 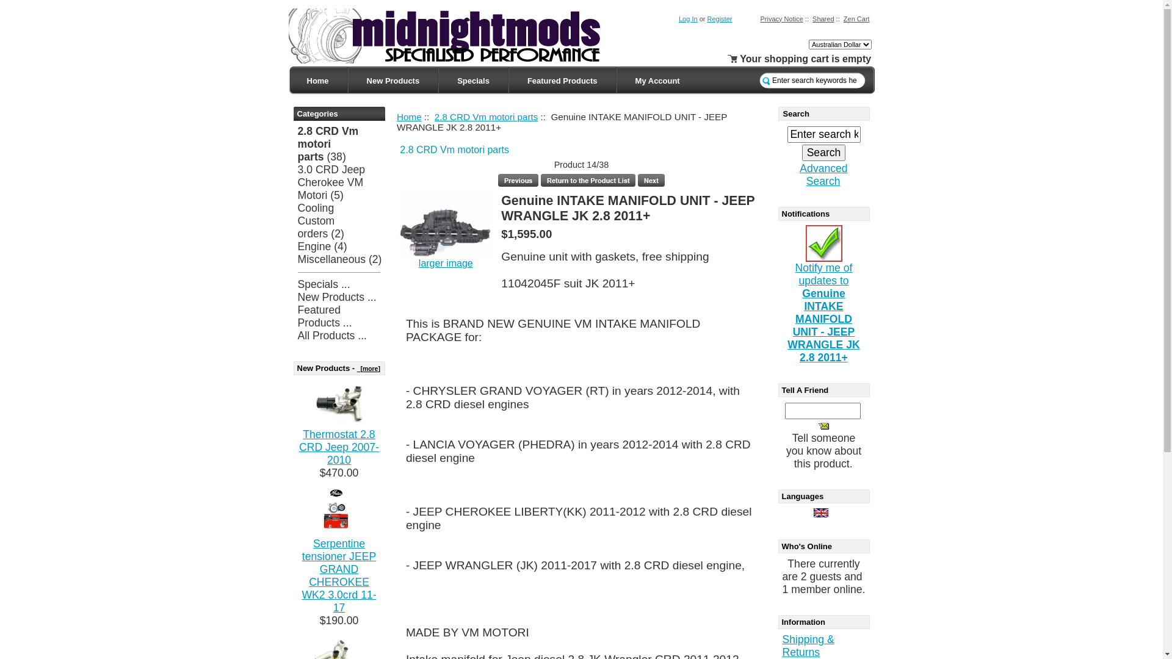 What do you see at coordinates (287, 35) in the screenshot?
I see `' Template by Zen-Cart-Power.net - Power Your Zen Cart! '` at bounding box center [287, 35].